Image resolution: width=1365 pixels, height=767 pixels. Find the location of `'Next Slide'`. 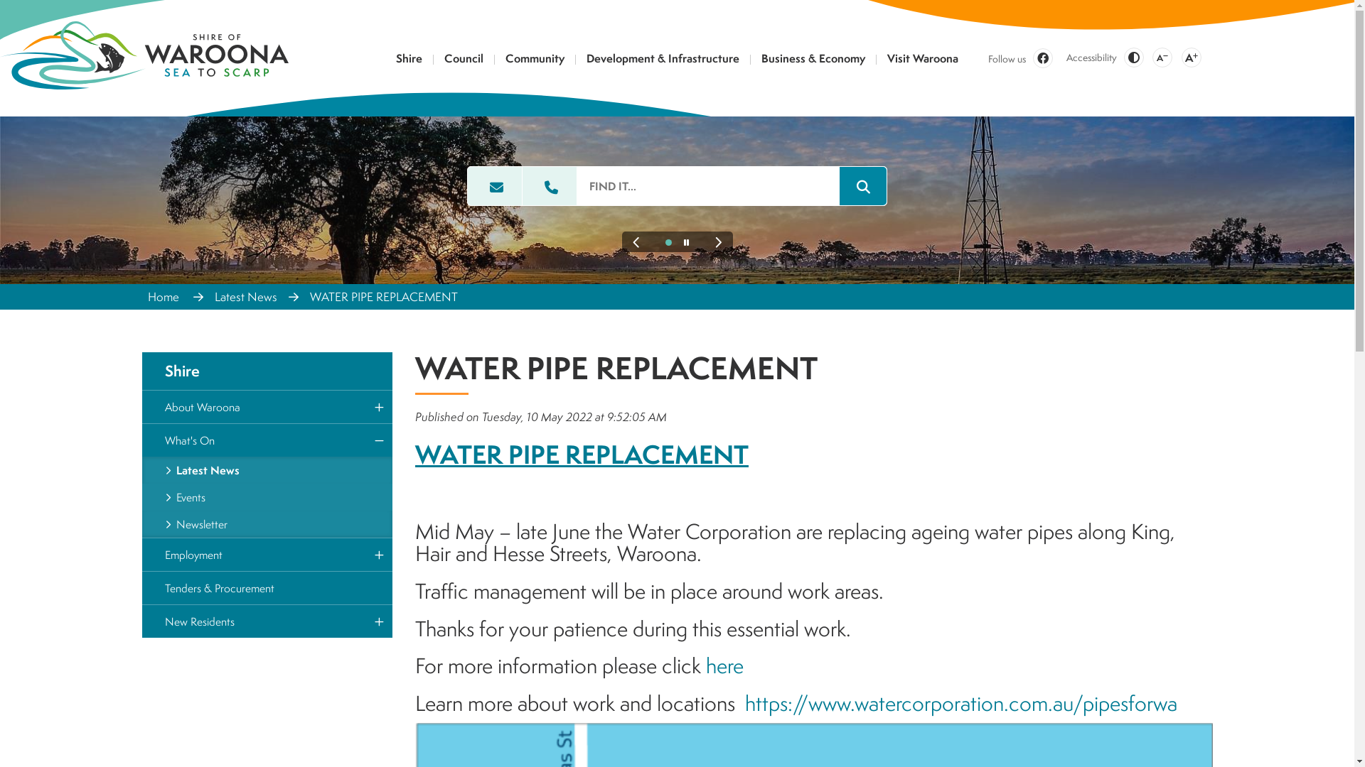

'Next Slide' is located at coordinates (718, 242).